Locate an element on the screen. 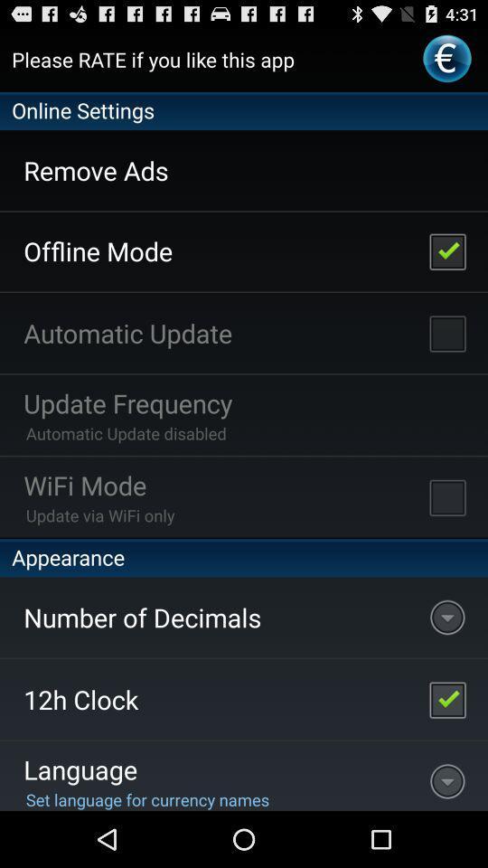 The image size is (488, 868). second check box is located at coordinates (446, 332).